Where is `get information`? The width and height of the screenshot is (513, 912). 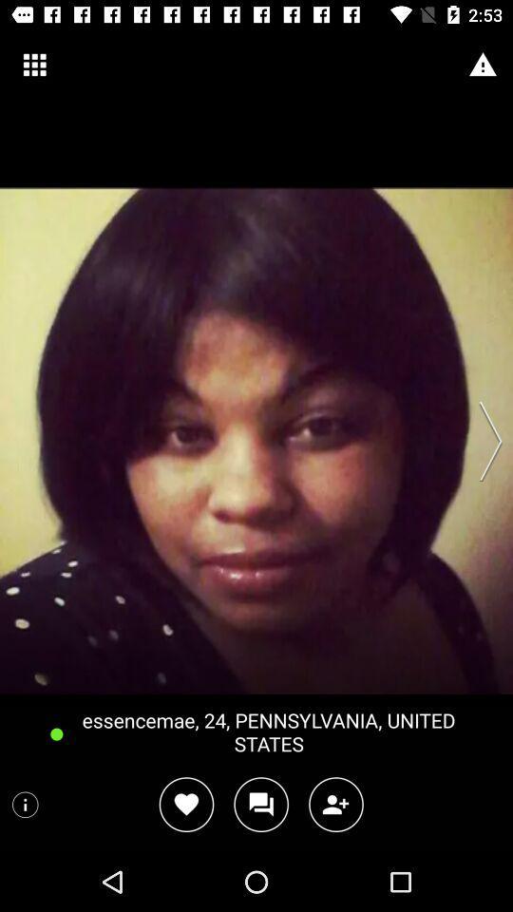 get information is located at coordinates (24, 804).